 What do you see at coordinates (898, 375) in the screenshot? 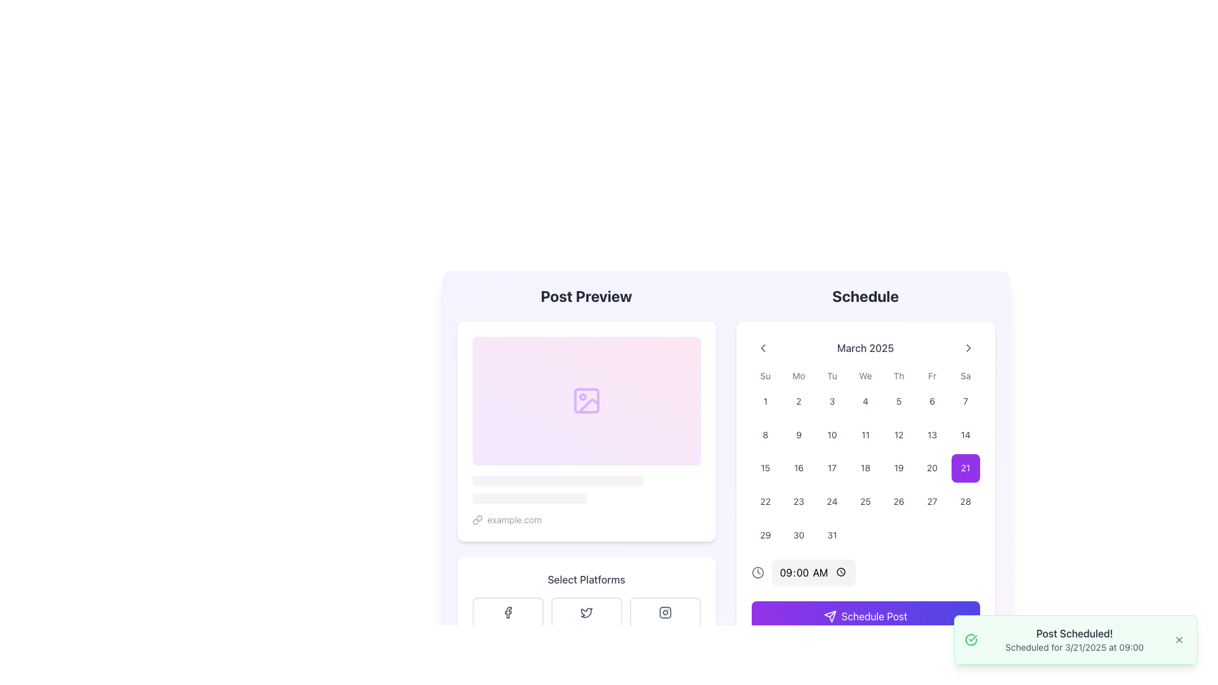
I see `the Static Text Label displaying 'Th' for Thursday, which is the fifth element in the top row of the calendar layout, located below the 'March 2025' heading` at bounding box center [898, 375].